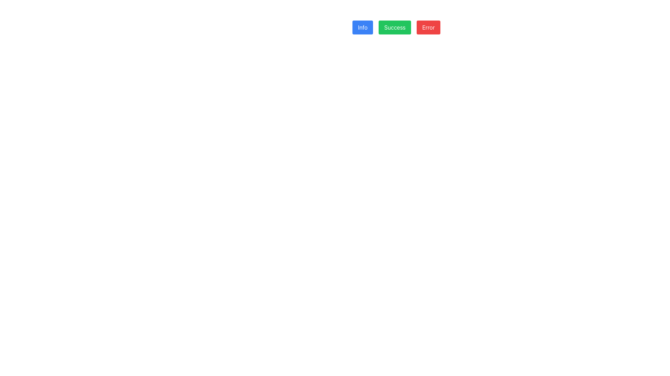  I want to click on the 'Success' button with a green background and white text, so click(396, 27).